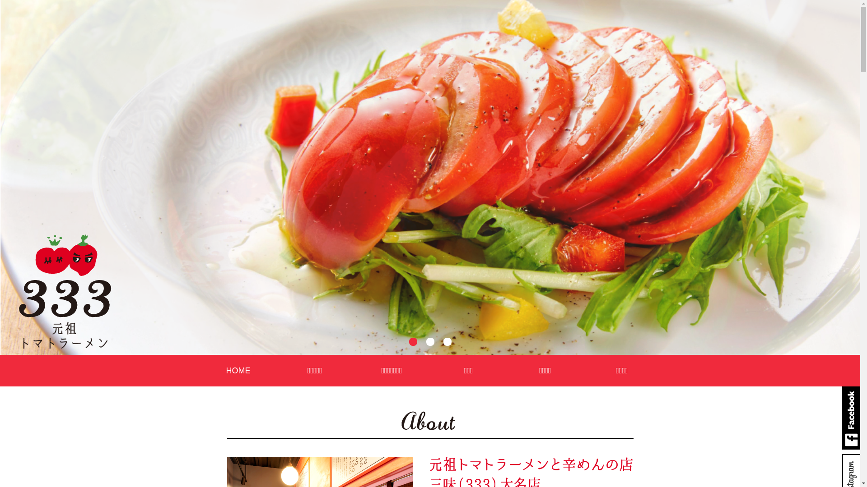 The width and height of the screenshot is (867, 487). What do you see at coordinates (238, 370) in the screenshot?
I see `'HOME'` at bounding box center [238, 370].